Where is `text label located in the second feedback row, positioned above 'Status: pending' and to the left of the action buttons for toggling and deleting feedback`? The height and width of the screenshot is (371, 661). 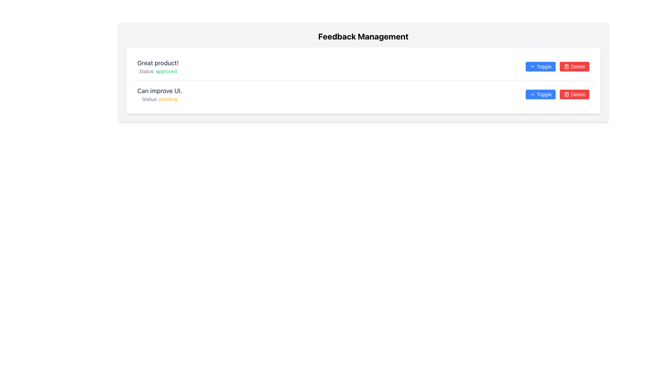
text label located in the second feedback row, positioned above 'Status: pending' and to the left of the action buttons for toggling and deleting feedback is located at coordinates (159, 91).